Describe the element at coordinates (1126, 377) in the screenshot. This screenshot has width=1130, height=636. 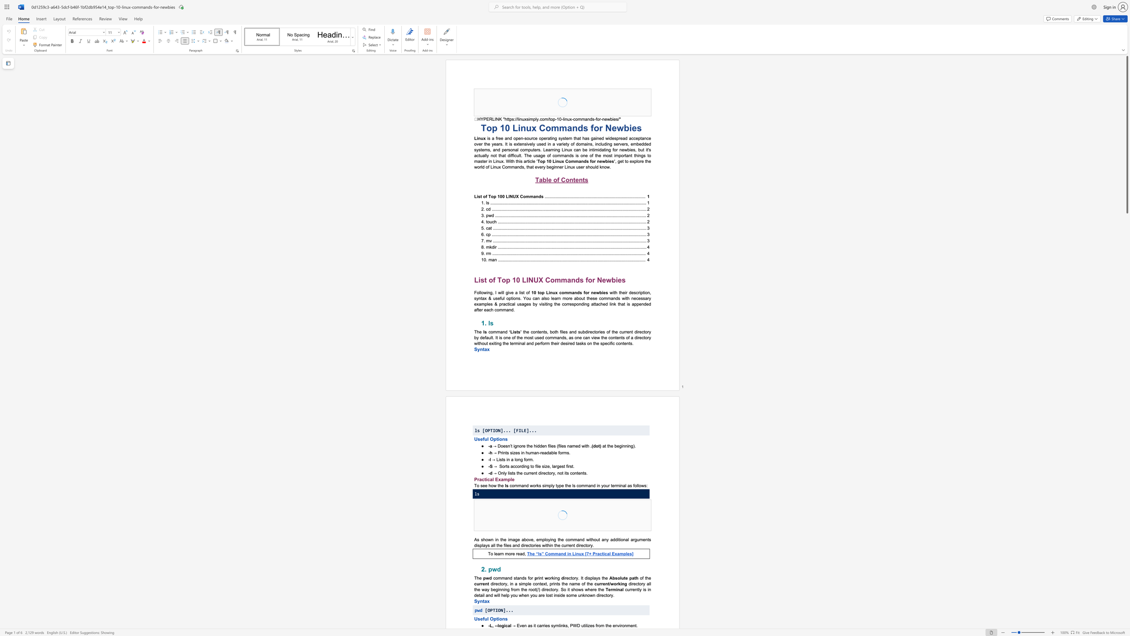
I see `the scrollbar to scroll downward` at that location.